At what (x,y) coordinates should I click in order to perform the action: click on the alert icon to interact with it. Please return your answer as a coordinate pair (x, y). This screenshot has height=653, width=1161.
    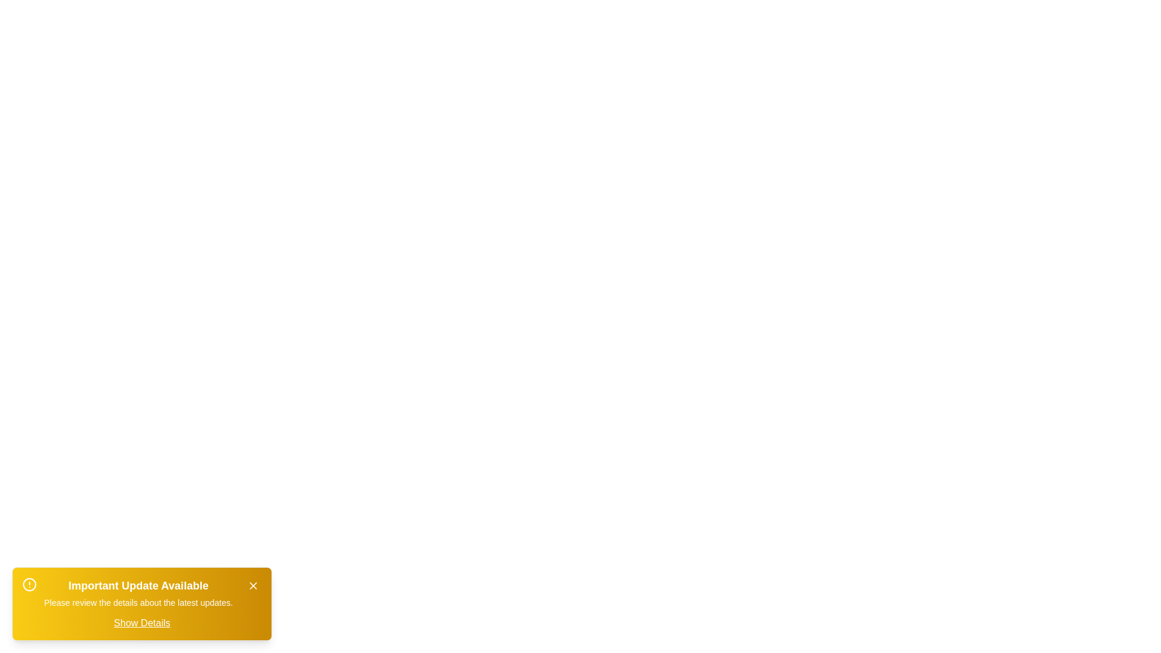
    Looking at the image, I should click on (29, 584).